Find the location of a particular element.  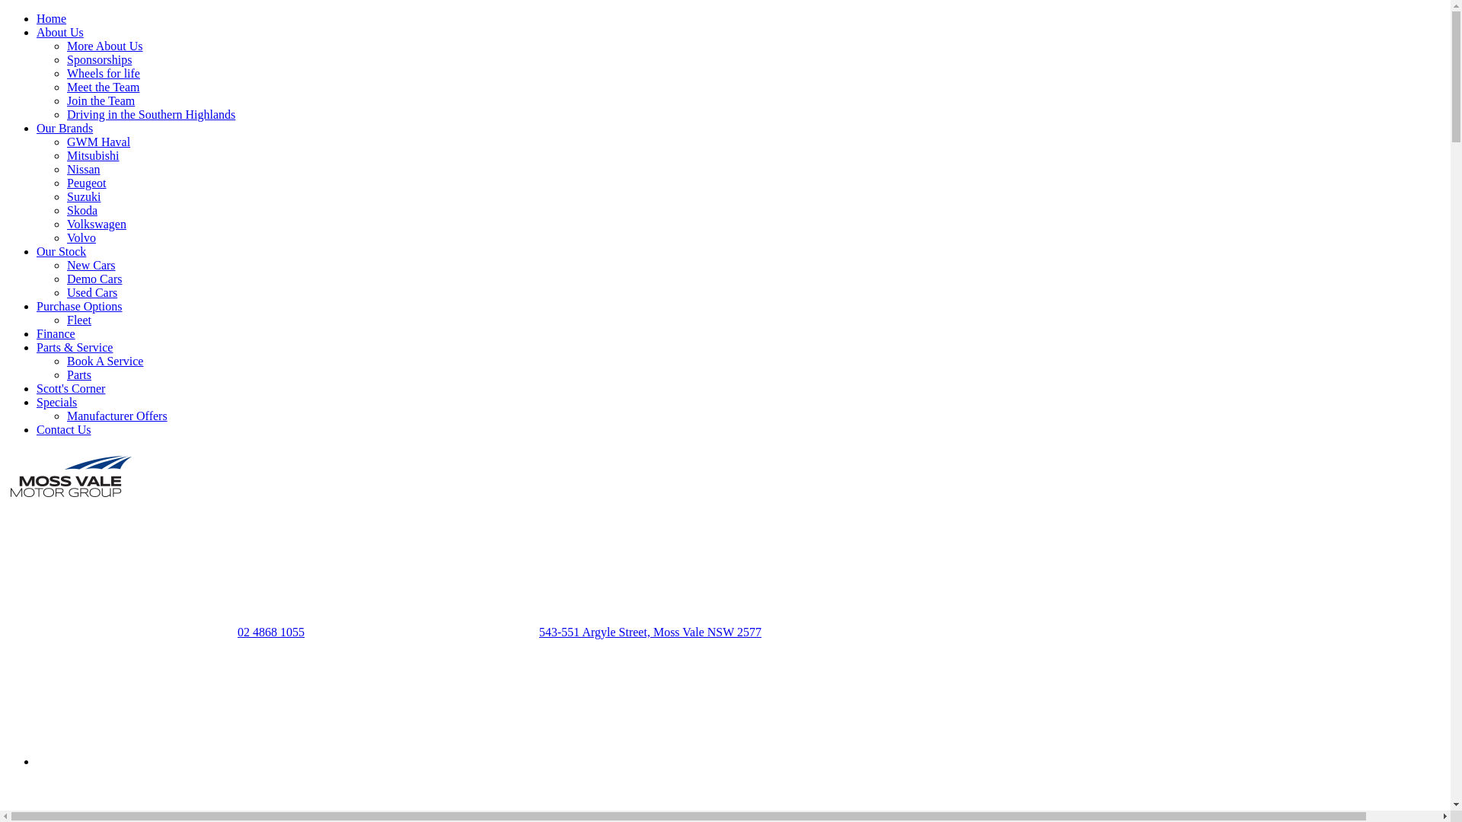

'More About Us' is located at coordinates (104, 45).